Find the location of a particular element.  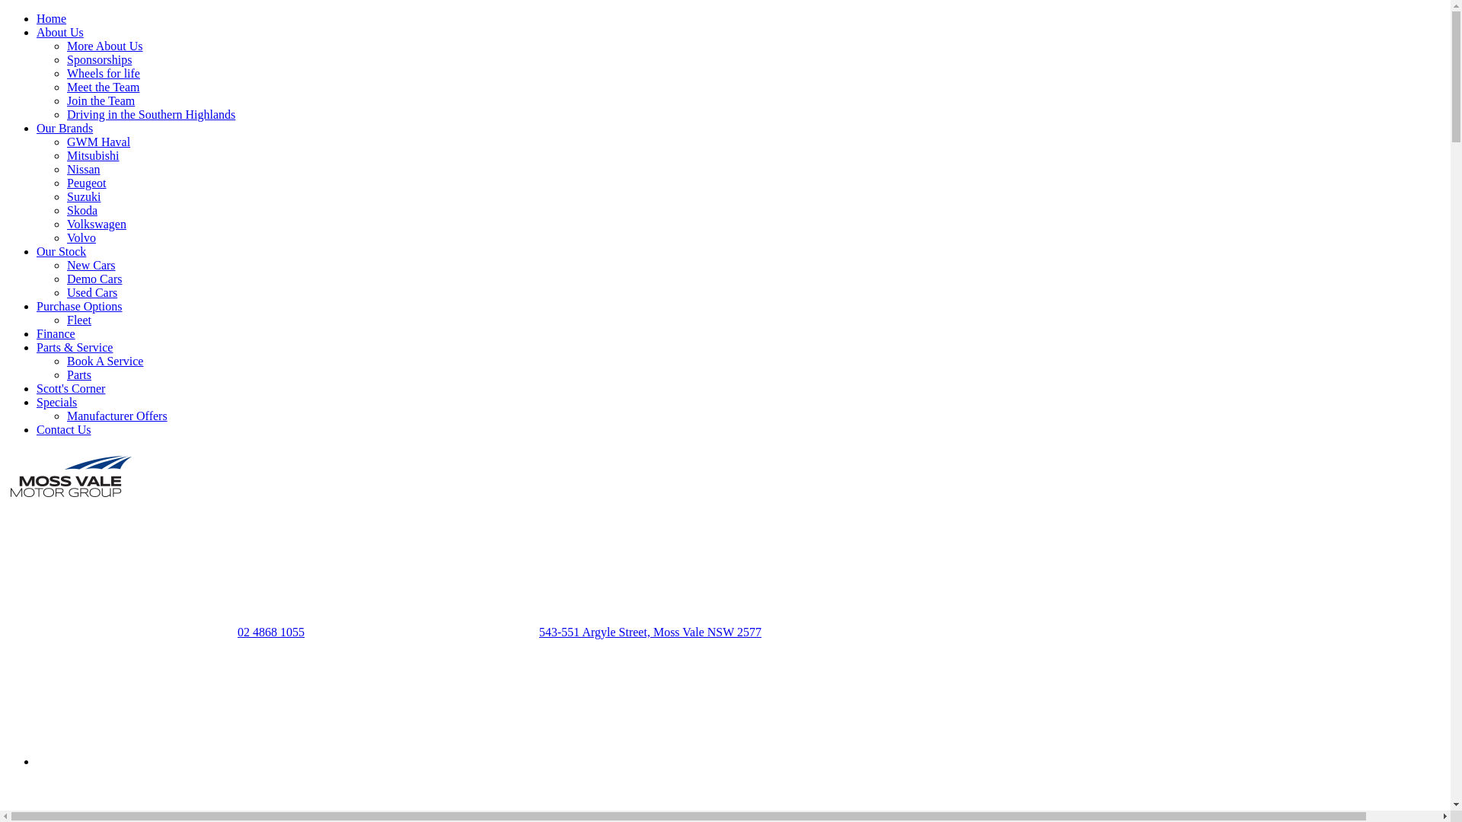

'More About Us' is located at coordinates (104, 45).